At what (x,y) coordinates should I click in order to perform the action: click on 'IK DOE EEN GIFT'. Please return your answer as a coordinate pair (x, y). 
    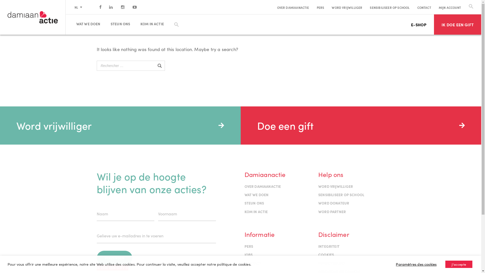
    Looking at the image, I should click on (457, 24).